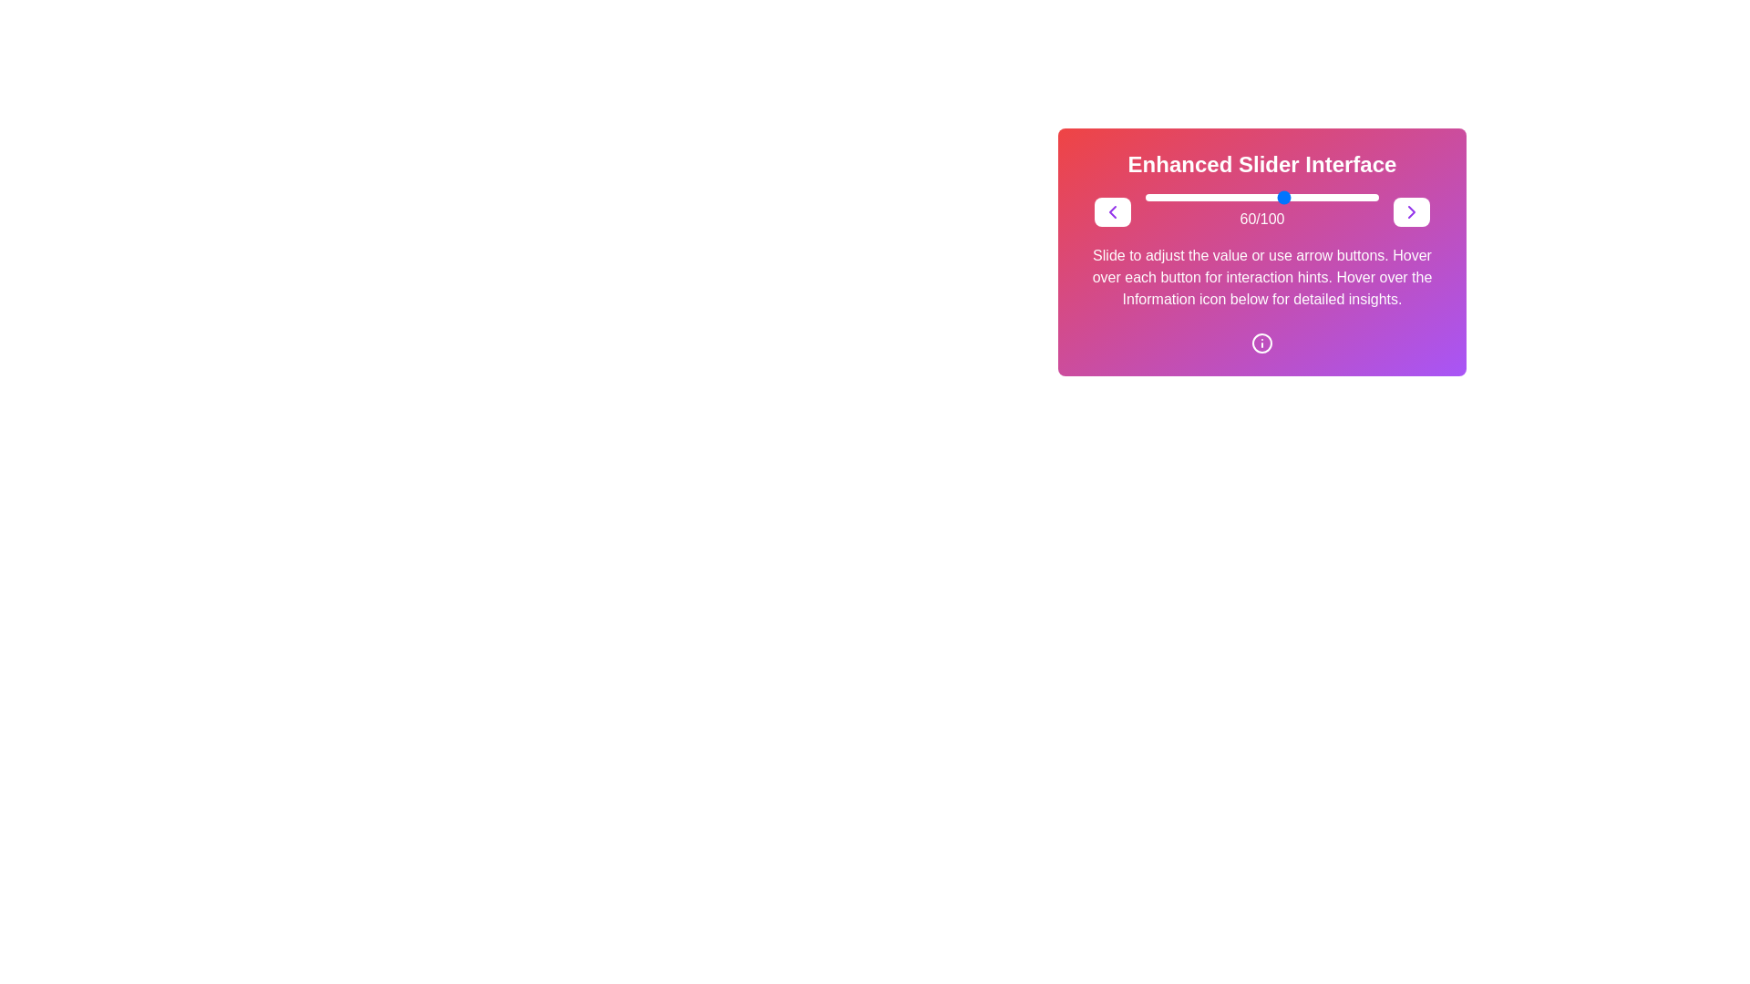  I want to click on the slider, so click(1292, 197).